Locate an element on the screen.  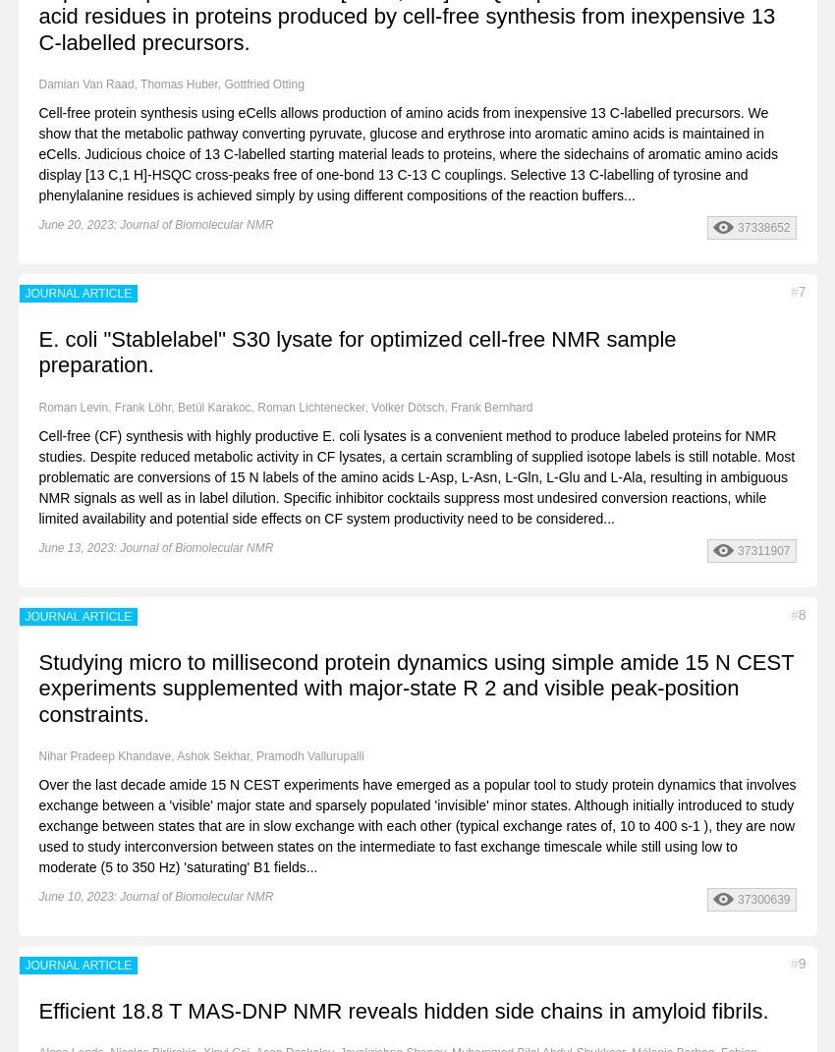
'Efficient 18.8 T MAS-DNP NMR reveals hidden side chains in amyloid fibrils.' is located at coordinates (403, 1011).